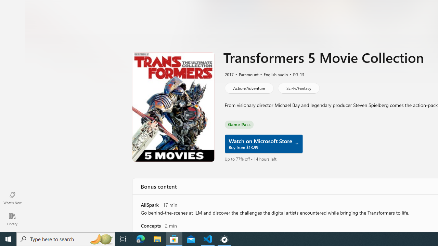 This screenshot has width=438, height=246. I want to click on 'PG-13', so click(295, 74).